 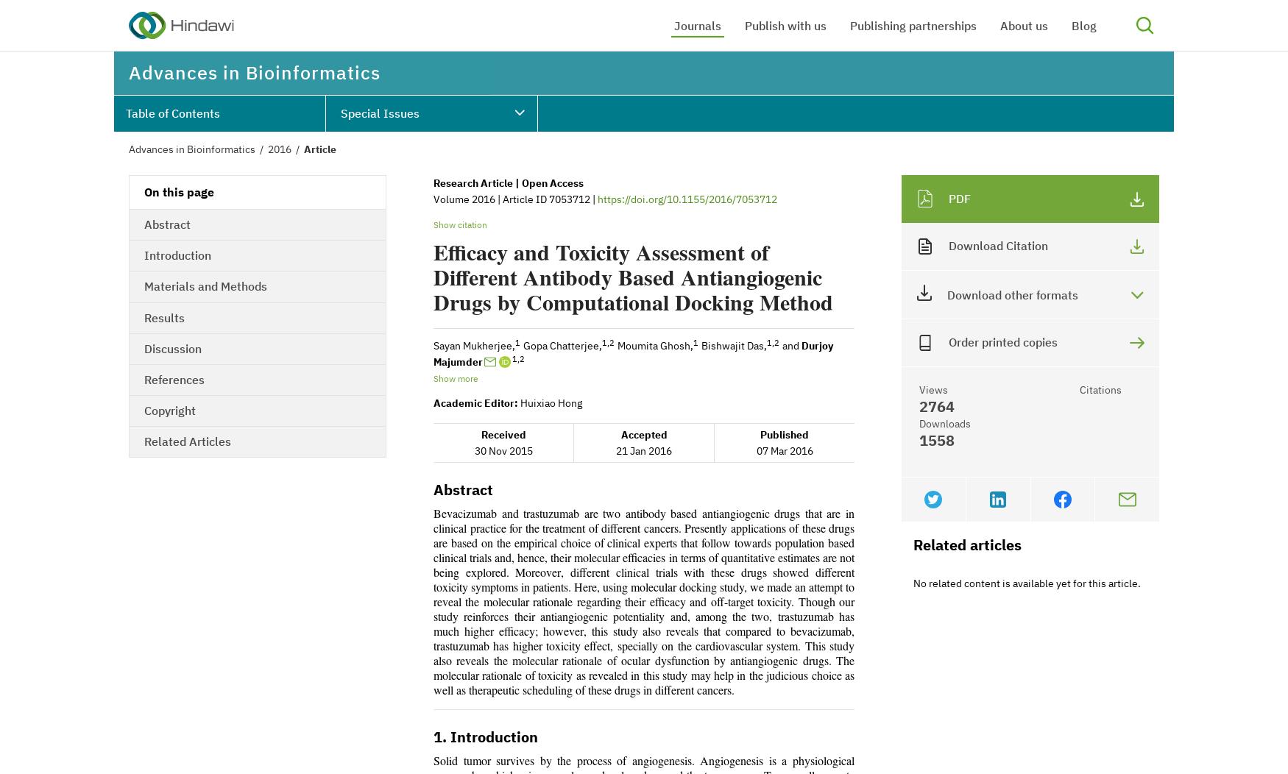 I want to click on 'Results', so click(x=164, y=316).